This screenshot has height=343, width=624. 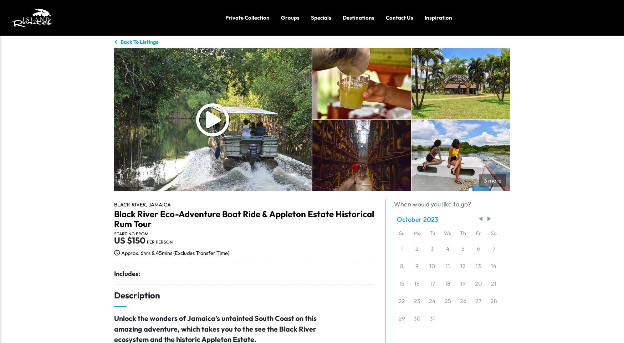 What do you see at coordinates (478, 248) in the screenshot?
I see `'6'` at bounding box center [478, 248].